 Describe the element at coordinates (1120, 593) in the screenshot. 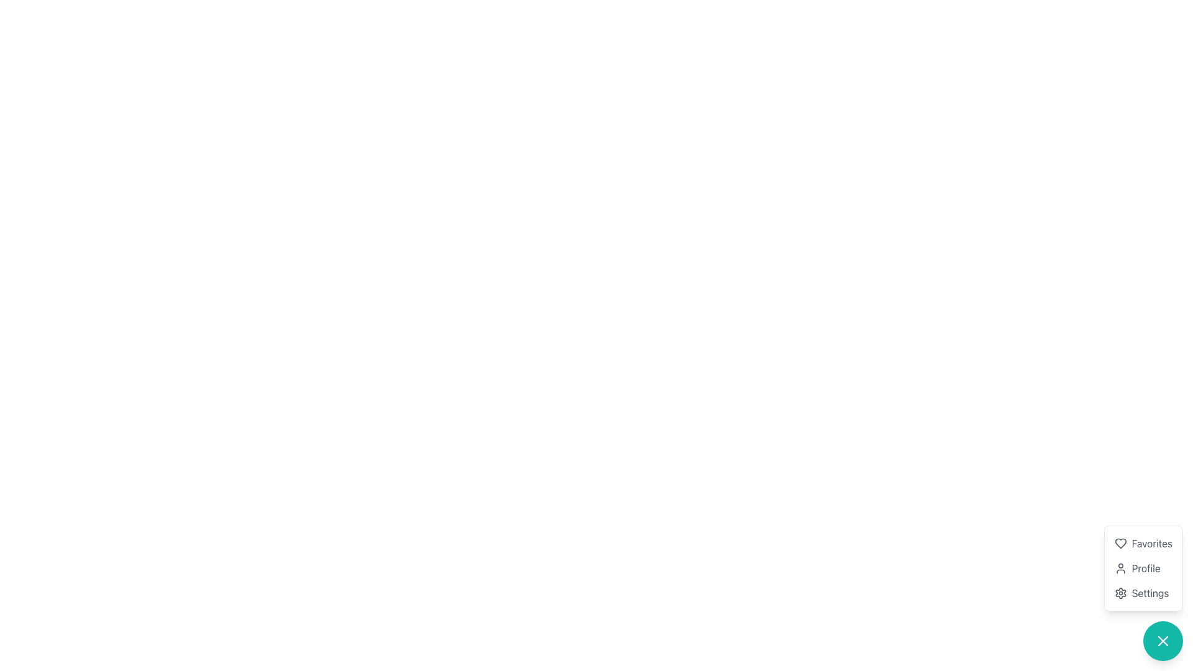

I see `the cogwheel-shaped icon located within the dropdown menu under the 'Settings' label` at that location.